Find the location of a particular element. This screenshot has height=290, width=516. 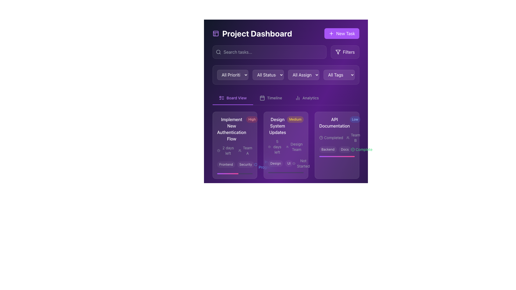

the circular outline of the clock icon located within the 'Implement New Authentication Flow' card in the 'Board View' section is located at coordinates (218, 150).